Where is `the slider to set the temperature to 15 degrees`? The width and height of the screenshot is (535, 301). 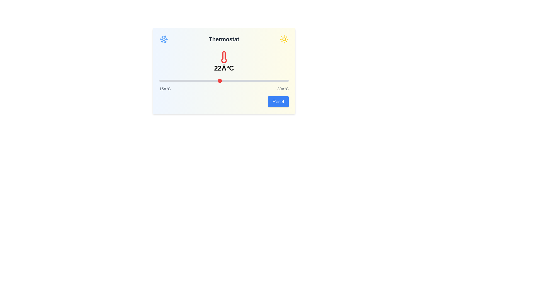 the slider to set the temperature to 15 degrees is located at coordinates (159, 81).